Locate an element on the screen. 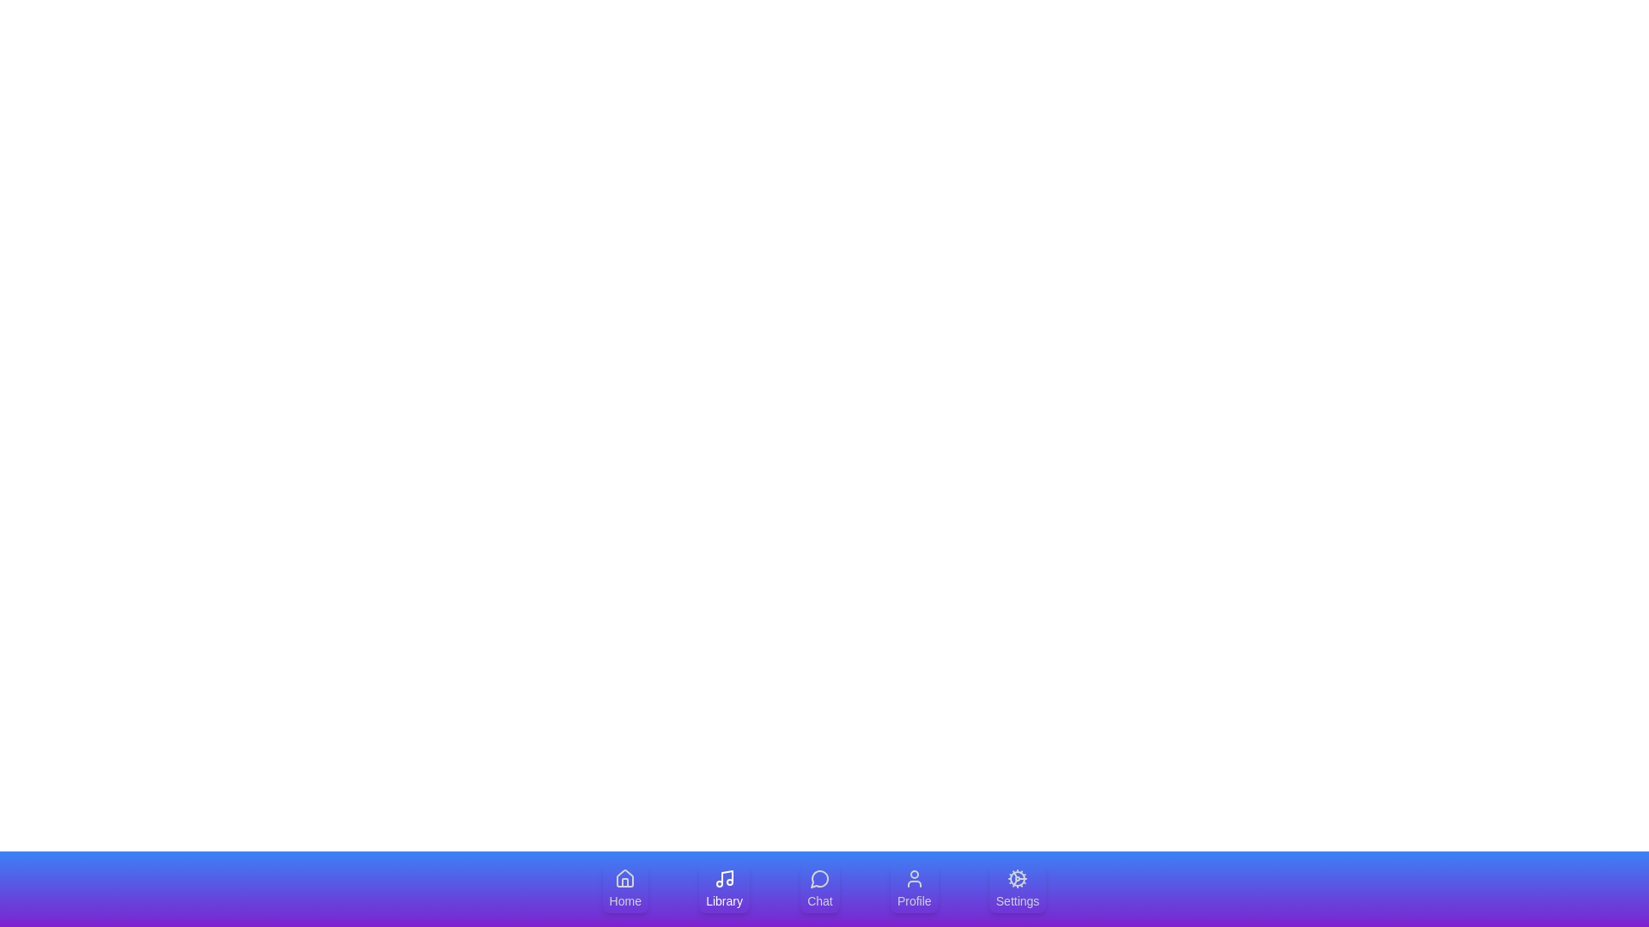 The height and width of the screenshot is (927, 1649). the Library tab to observe the hover effect is located at coordinates (724, 888).